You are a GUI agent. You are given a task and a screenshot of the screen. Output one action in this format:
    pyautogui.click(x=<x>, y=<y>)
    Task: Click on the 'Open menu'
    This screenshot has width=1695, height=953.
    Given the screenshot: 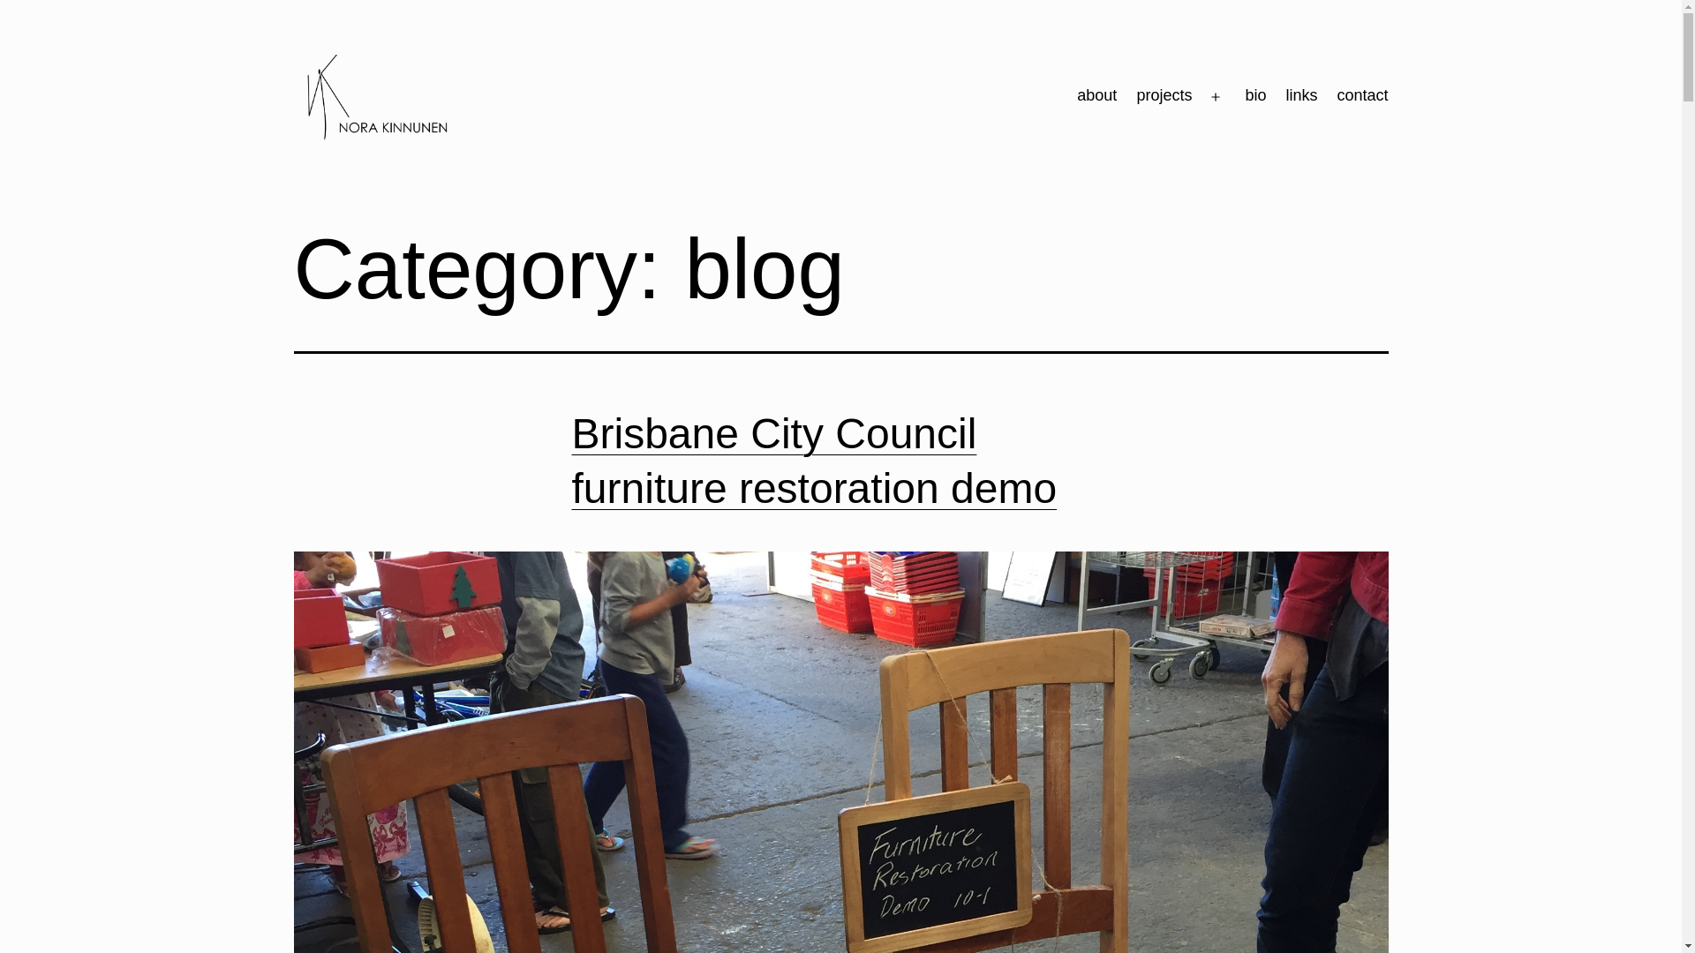 What is the action you would take?
    pyautogui.click(x=1215, y=97)
    